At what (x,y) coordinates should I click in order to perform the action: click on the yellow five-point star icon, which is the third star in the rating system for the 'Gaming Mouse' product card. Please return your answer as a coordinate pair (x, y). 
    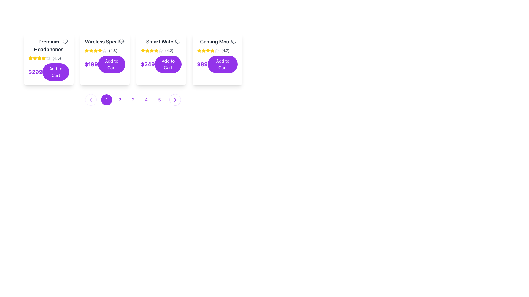
    Looking at the image, I should click on (203, 51).